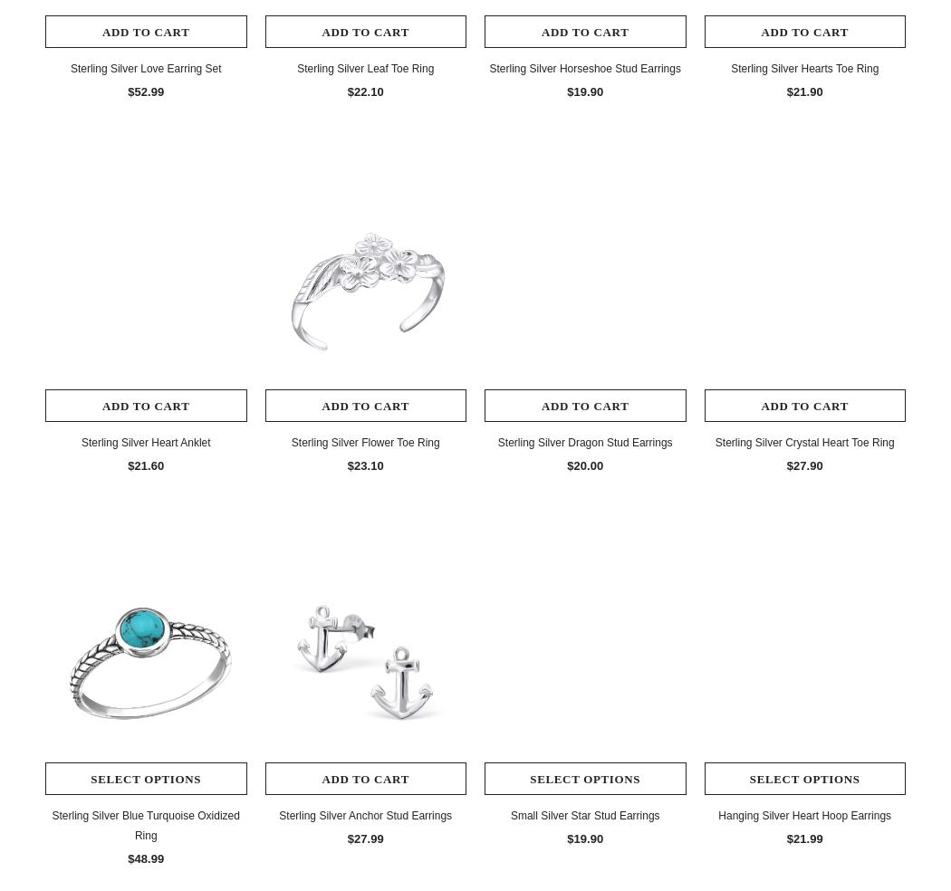  Describe the element at coordinates (365, 67) in the screenshot. I see `'Sterling Silver Leaf Toe Ring'` at that location.